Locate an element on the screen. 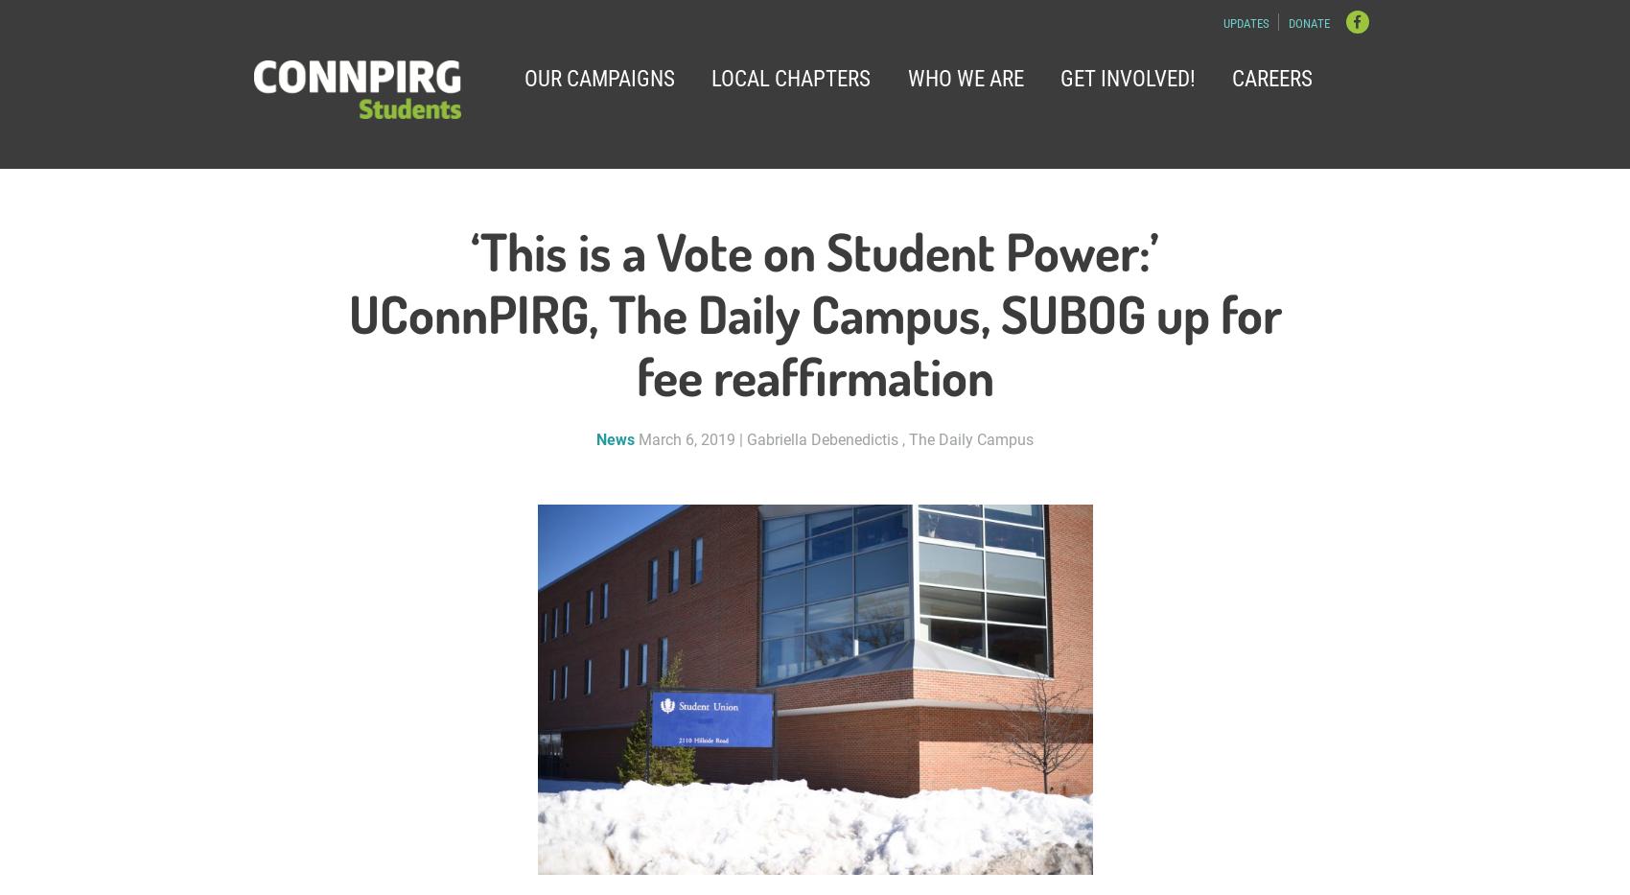  'Our Campaigns' is located at coordinates (598, 77).